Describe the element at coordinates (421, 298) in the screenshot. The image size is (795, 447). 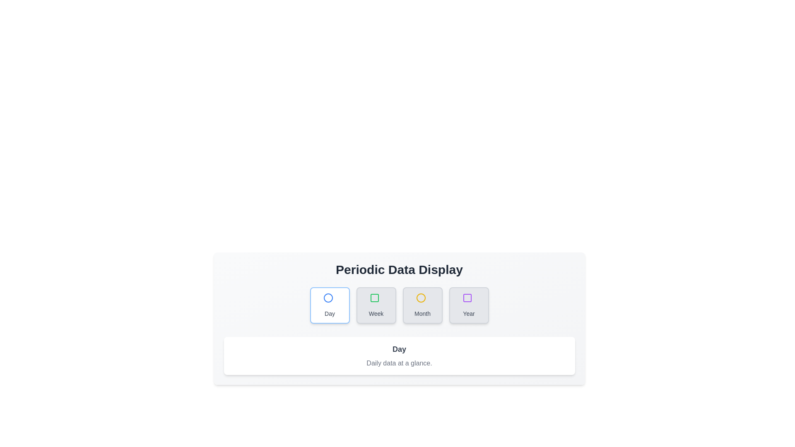
I see `the decorative SVG circle inside the 'Month' button located beneath the title 'Periodic Data Display'` at that location.